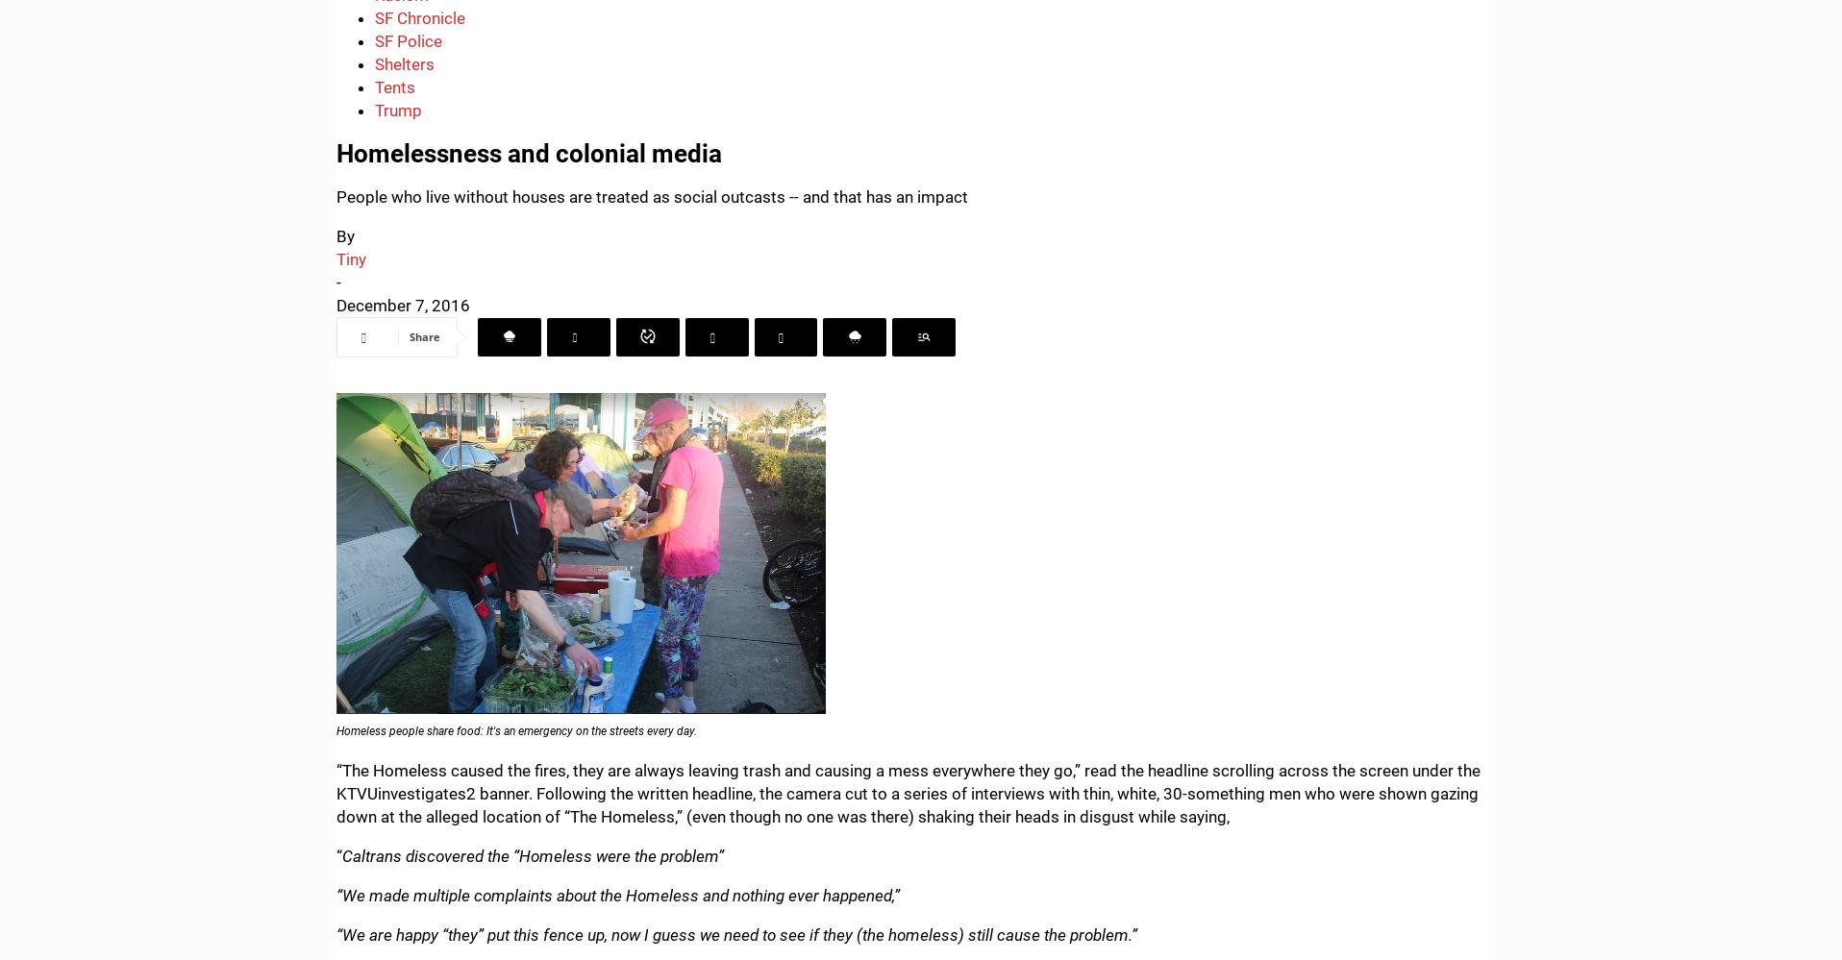  I want to click on 'Homeless people share food: It's an emergency on the streets every day.', so click(515, 730).